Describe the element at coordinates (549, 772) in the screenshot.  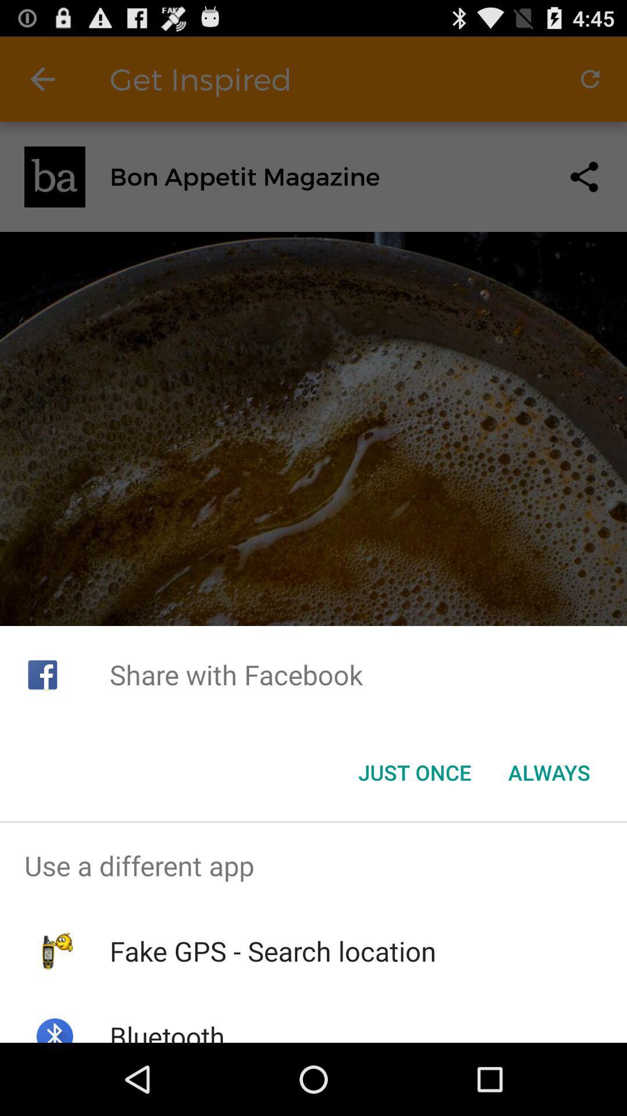
I see `the button at the bottom right corner` at that location.